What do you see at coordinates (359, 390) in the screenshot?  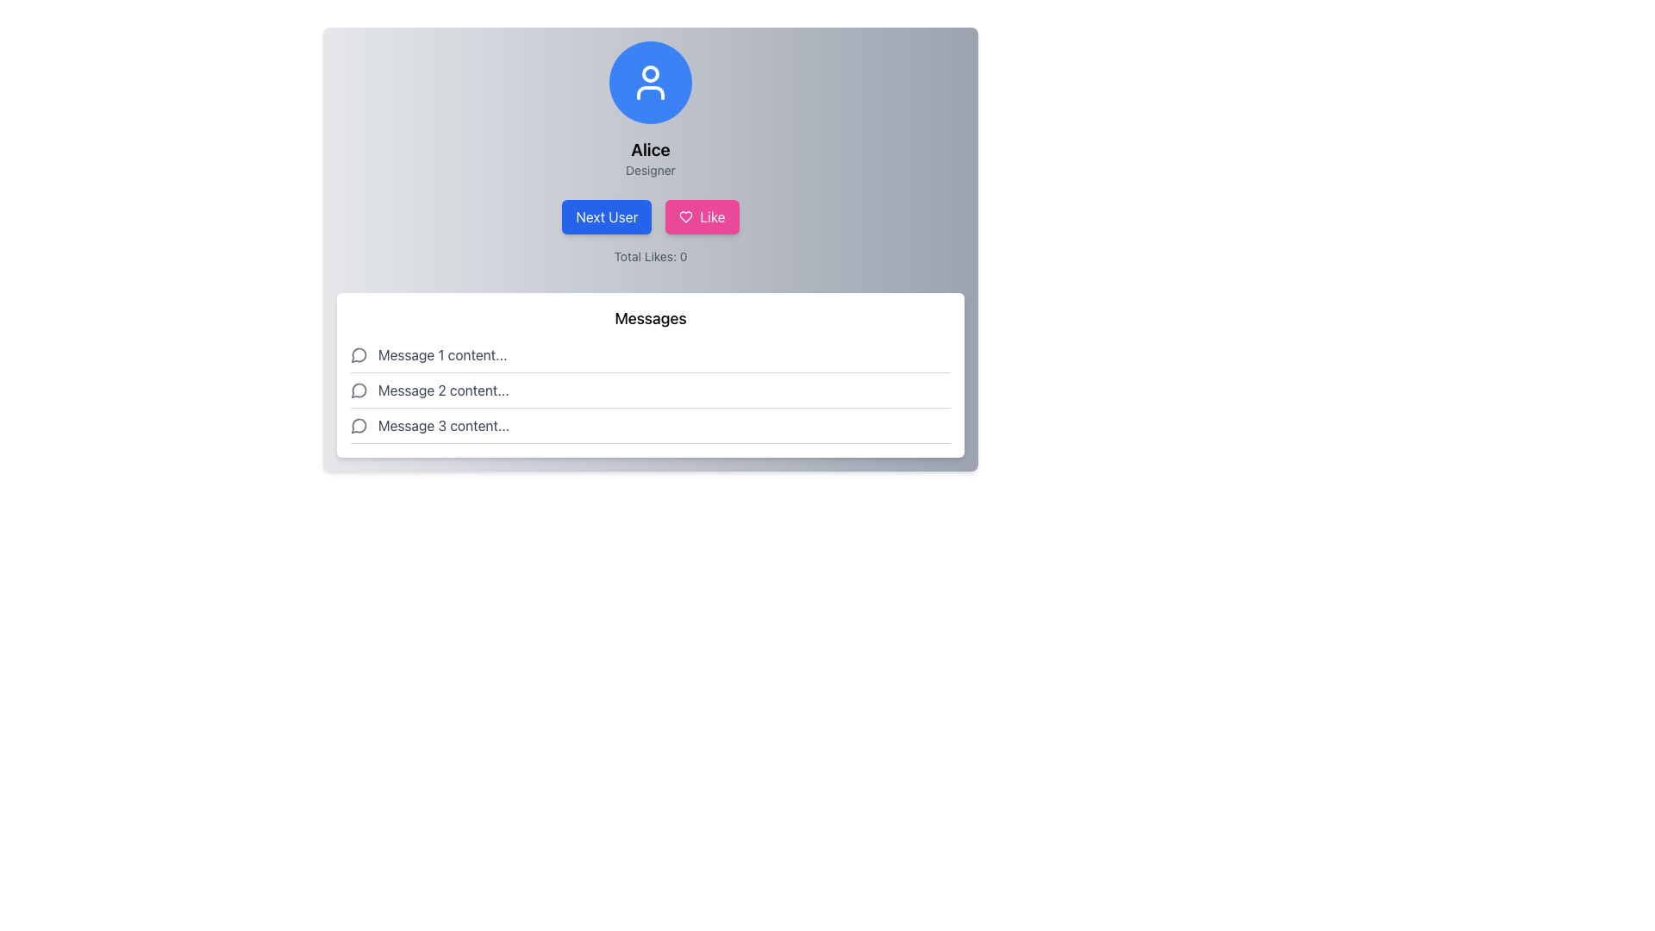 I see `the message indicator icon located to the left of the text 'Message 2 content...' in the message list` at bounding box center [359, 390].